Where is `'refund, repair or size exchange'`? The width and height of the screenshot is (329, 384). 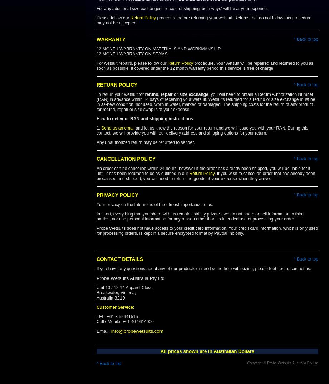 'refund, repair or size exchange' is located at coordinates (176, 94).